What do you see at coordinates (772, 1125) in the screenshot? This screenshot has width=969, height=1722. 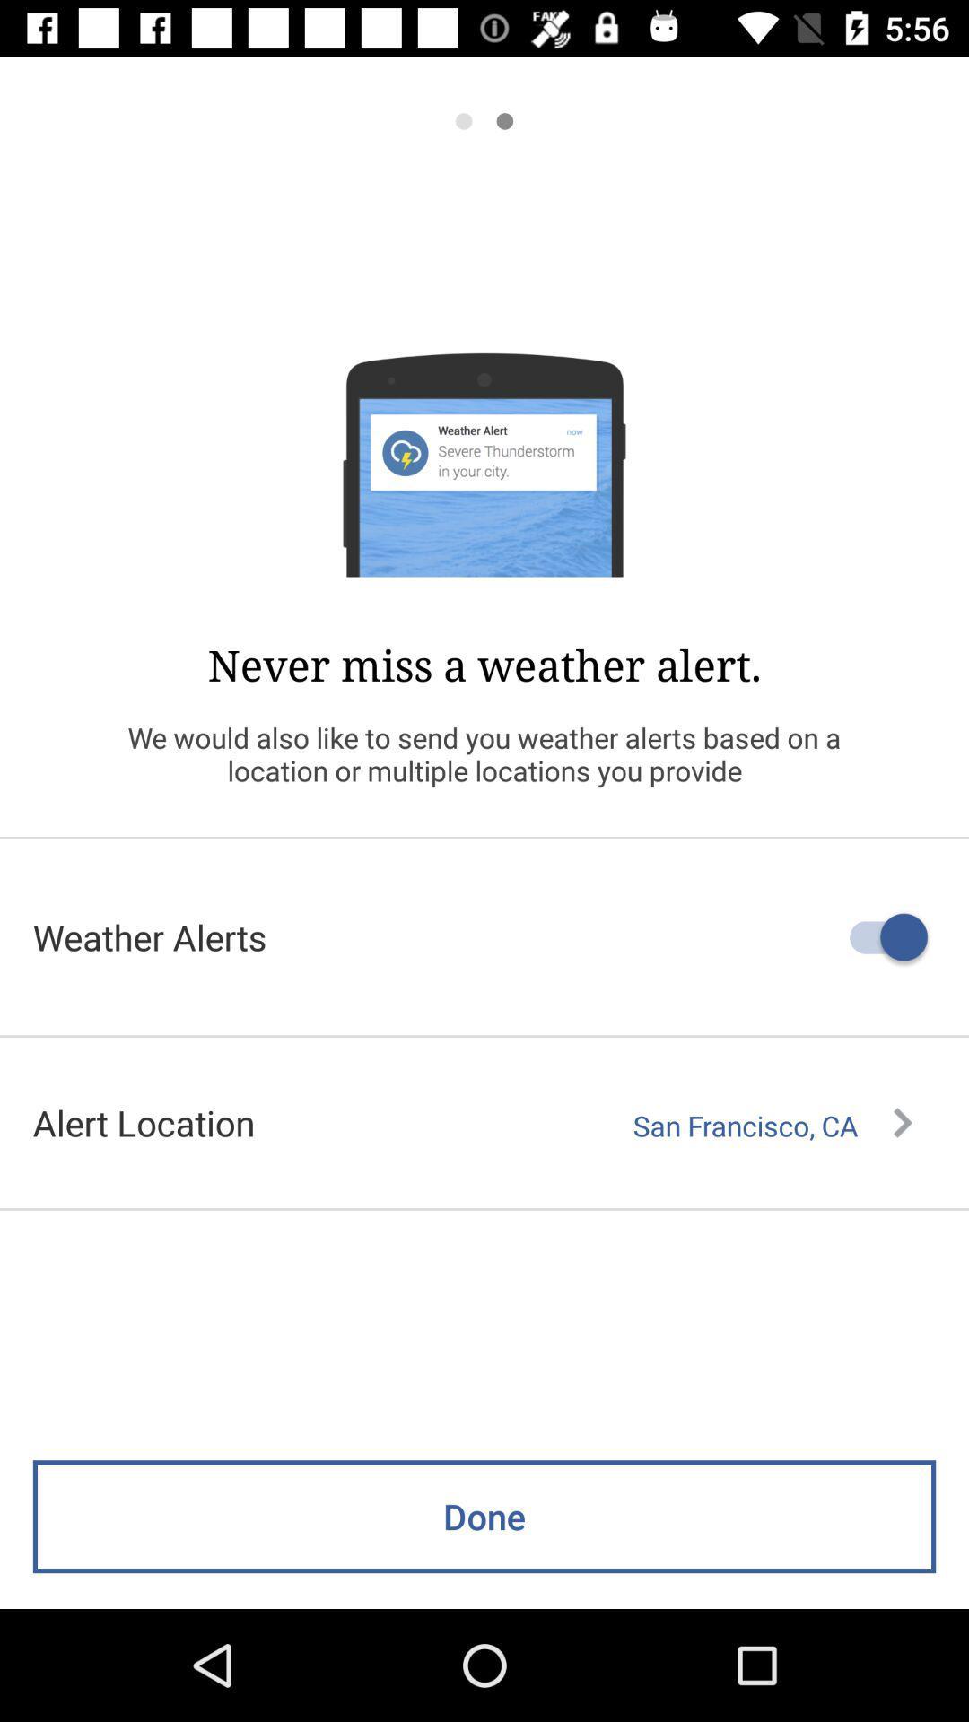 I see `icon next to the alert location icon` at bounding box center [772, 1125].